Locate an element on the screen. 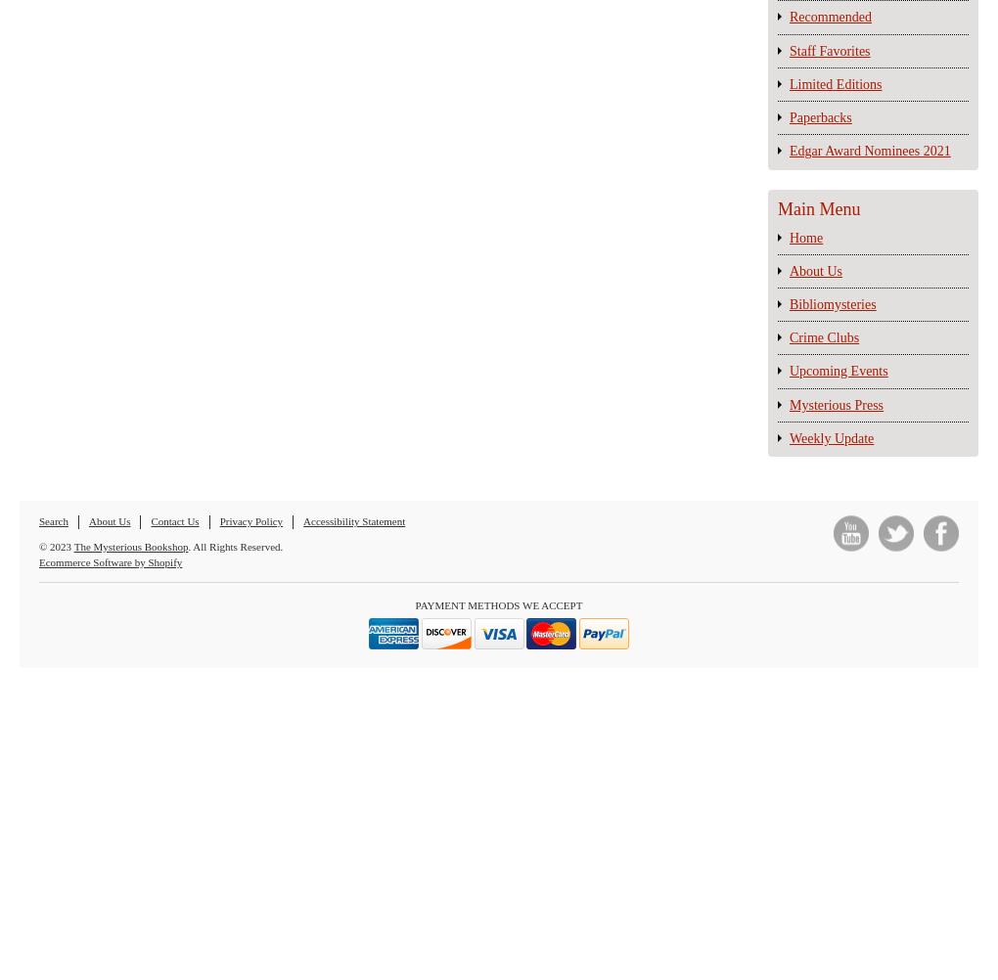  'Accessibility Statement' is located at coordinates (352, 520).